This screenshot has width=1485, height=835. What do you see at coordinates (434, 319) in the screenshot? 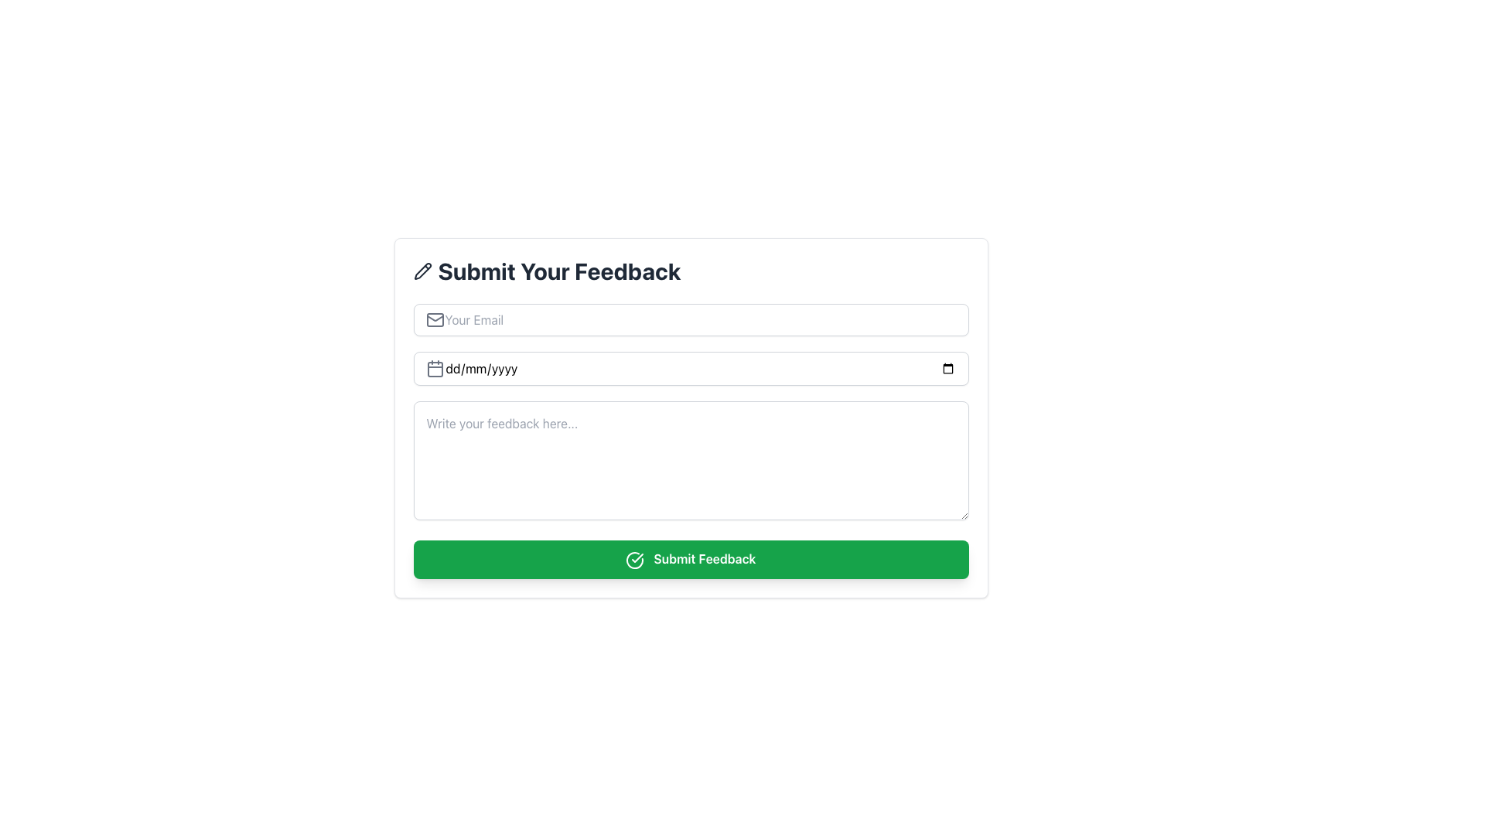
I see `the email input icon located at the far left of the email input field, which signifies that the associated field is intended for email input` at bounding box center [434, 319].